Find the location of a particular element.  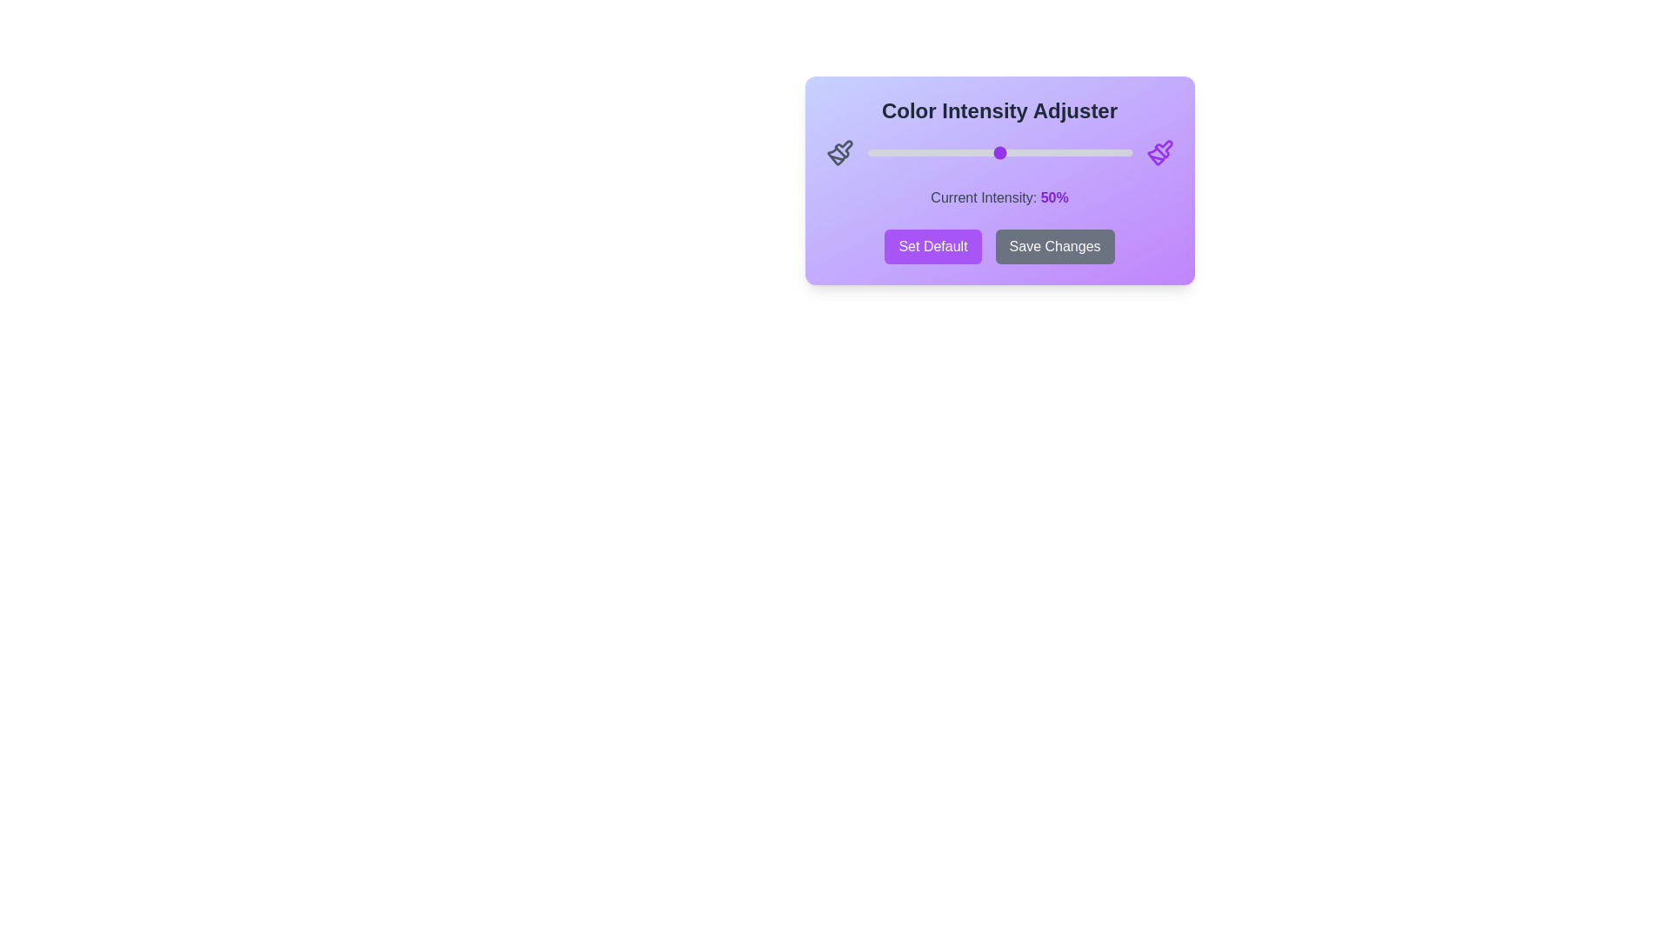

the 'Save Changes' button to save the current settings is located at coordinates (1054, 247).